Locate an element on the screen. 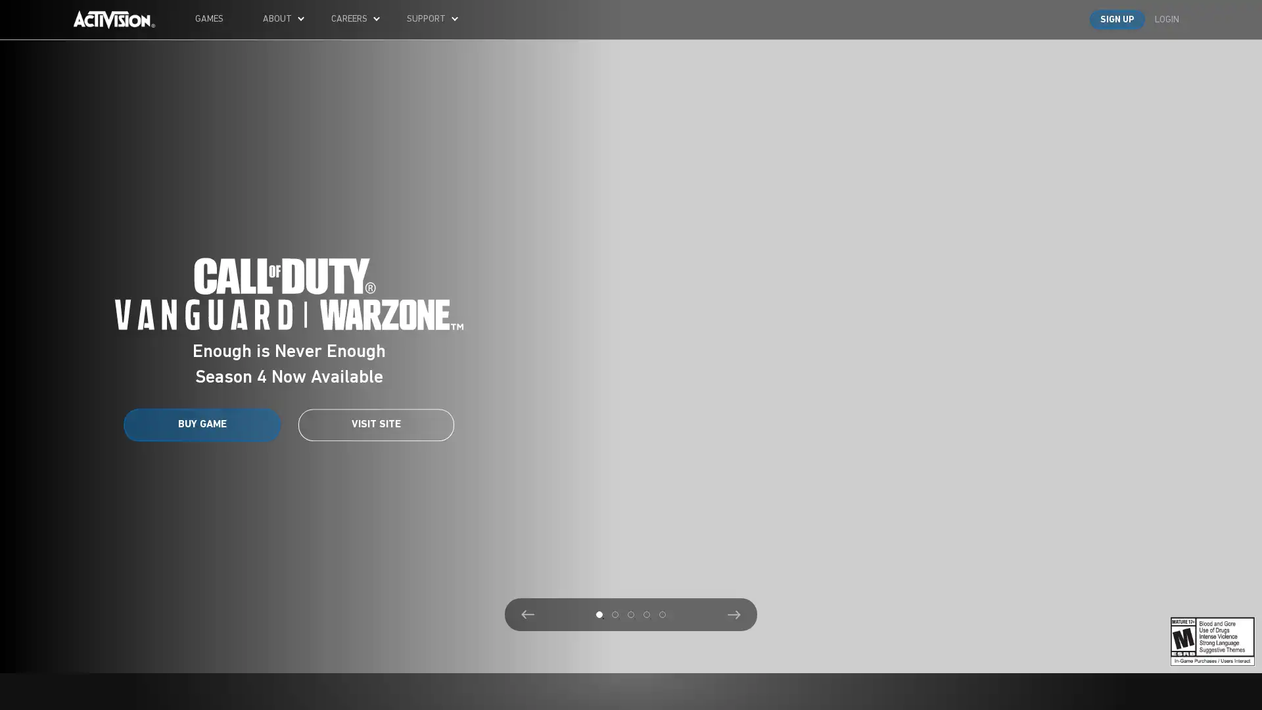  2 is located at coordinates (615, 614).